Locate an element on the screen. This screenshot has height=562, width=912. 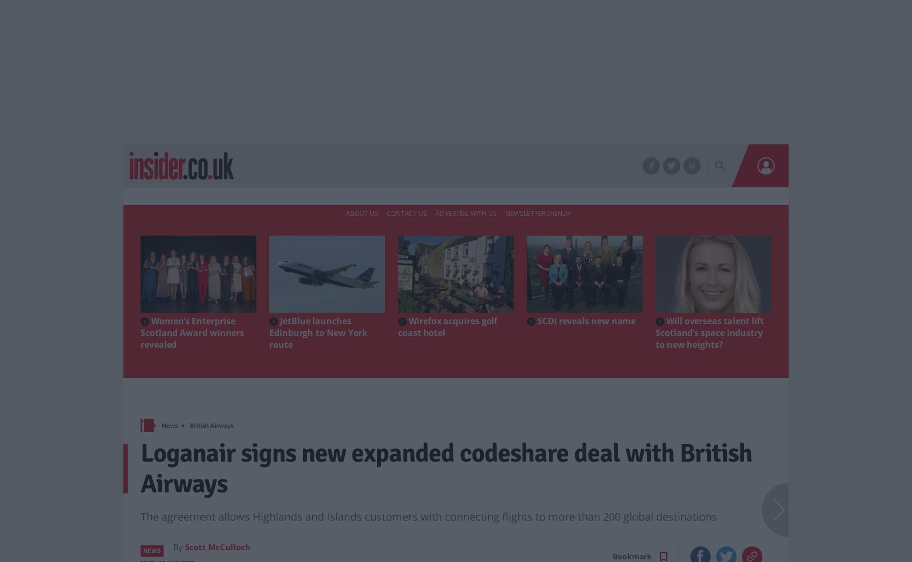
'Sectors' is located at coordinates (370, 166).